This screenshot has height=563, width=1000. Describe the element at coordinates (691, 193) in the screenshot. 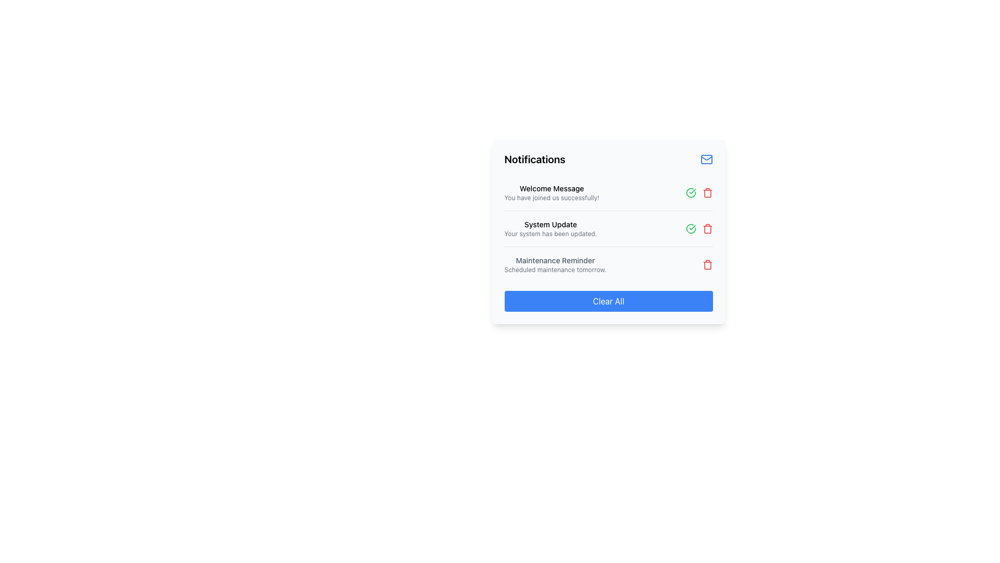

I see `the confirmation icon in the second row of the notification list for the 'System Update' entry` at that location.